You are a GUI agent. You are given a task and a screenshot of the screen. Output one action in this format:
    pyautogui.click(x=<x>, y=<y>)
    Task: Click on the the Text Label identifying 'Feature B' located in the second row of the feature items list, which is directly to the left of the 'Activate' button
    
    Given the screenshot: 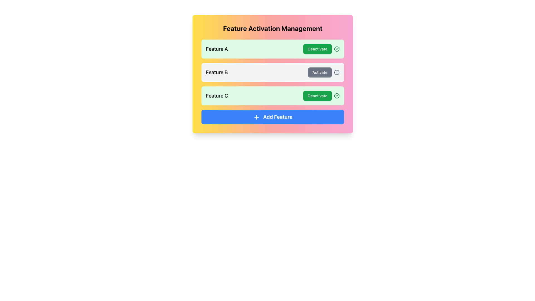 What is the action you would take?
    pyautogui.click(x=217, y=72)
    